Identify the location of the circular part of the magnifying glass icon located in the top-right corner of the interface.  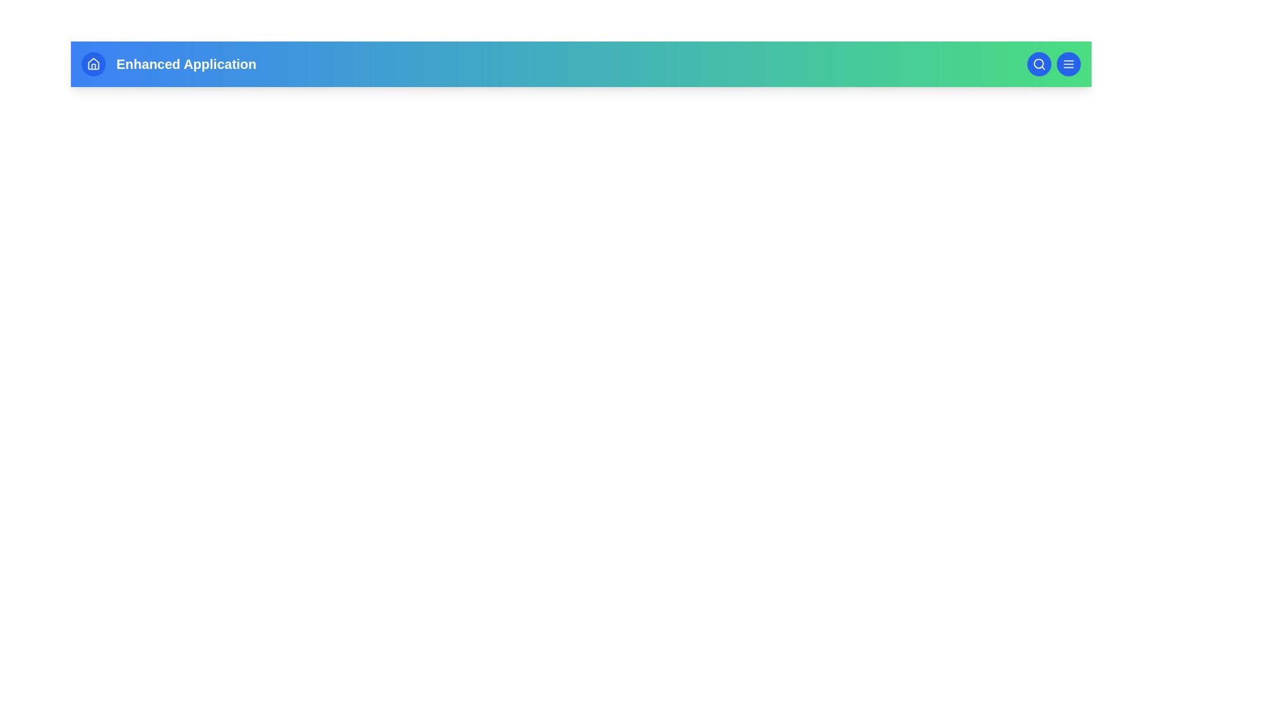
(1037, 64).